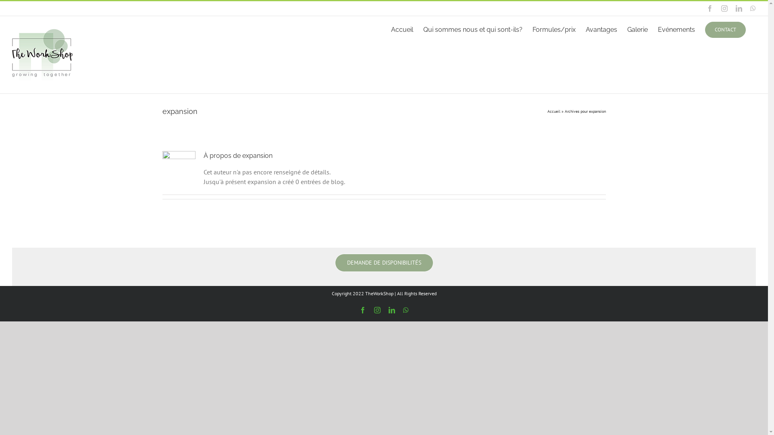 The height and width of the screenshot is (435, 774). I want to click on 'LinkedIn', so click(739, 8).